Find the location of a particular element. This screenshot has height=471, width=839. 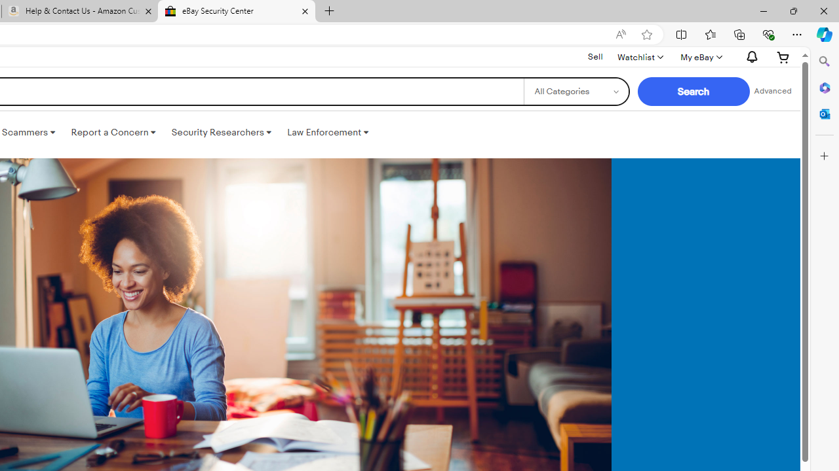

'eBay Security Center' is located at coordinates (236, 11).